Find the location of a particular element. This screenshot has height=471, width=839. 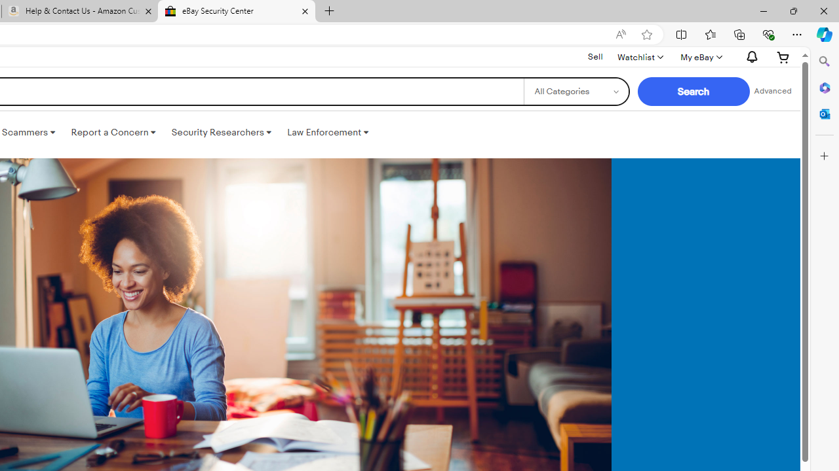

'eBay Security Center' is located at coordinates (236, 11).